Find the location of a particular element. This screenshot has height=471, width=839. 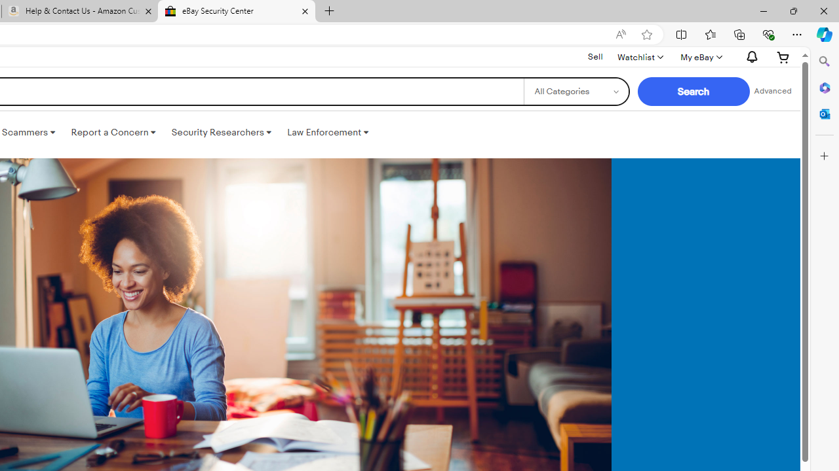

'eBay Security Center' is located at coordinates (236, 11).